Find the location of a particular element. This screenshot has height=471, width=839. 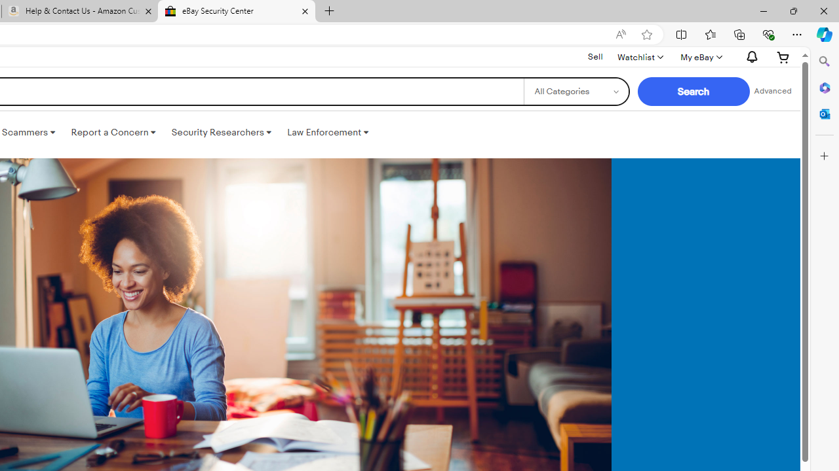

'eBay Security Center' is located at coordinates (236, 11).